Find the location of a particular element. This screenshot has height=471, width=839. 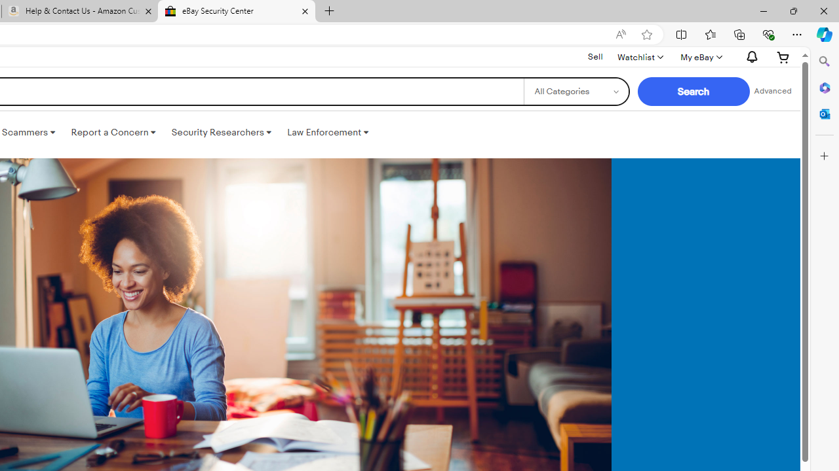

'eBay Security Center' is located at coordinates (236, 11).